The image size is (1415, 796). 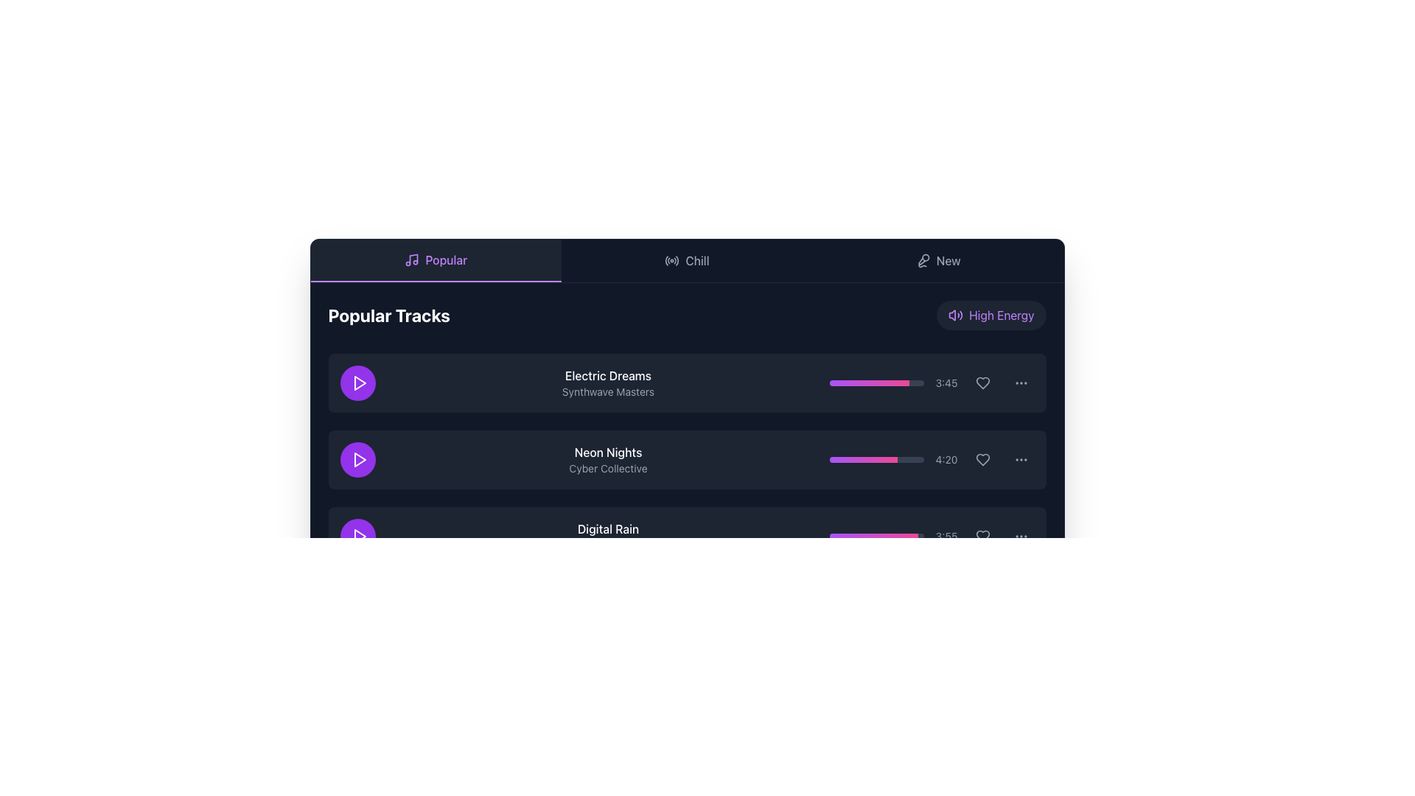 I want to click on the slider value, so click(x=905, y=537).